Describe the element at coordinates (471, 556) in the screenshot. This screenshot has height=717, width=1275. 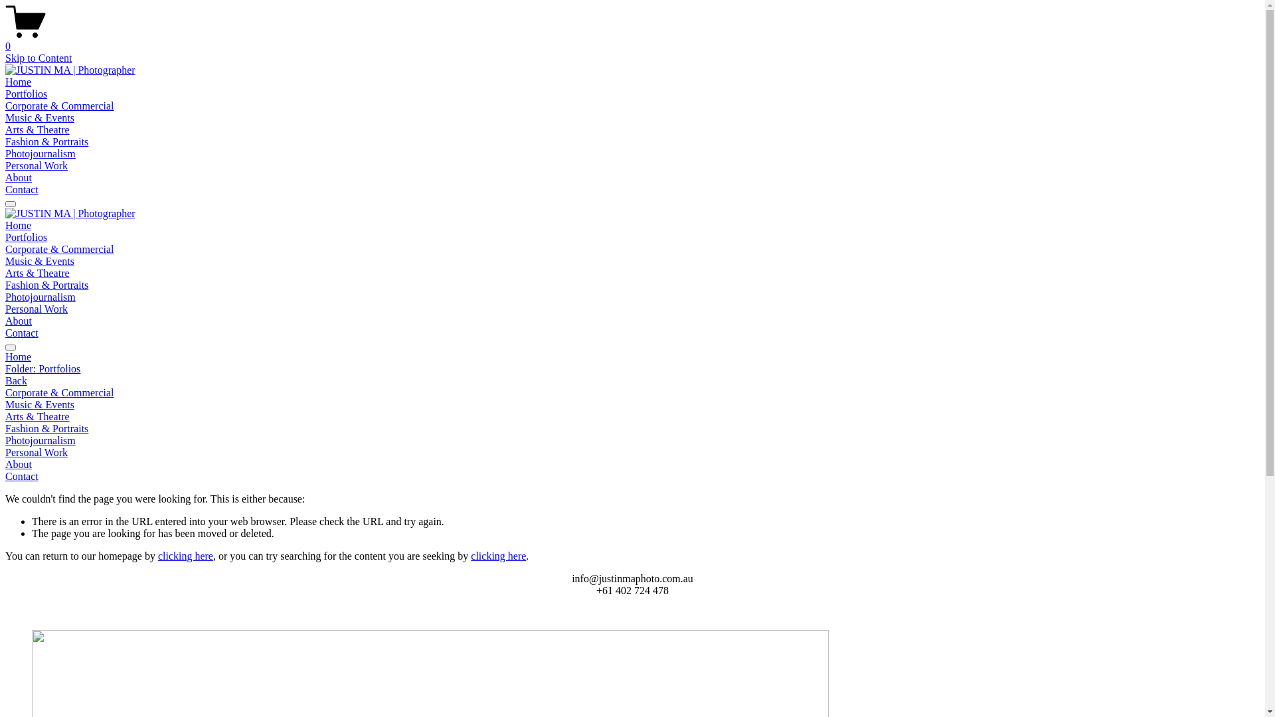
I see `'clicking here'` at that location.